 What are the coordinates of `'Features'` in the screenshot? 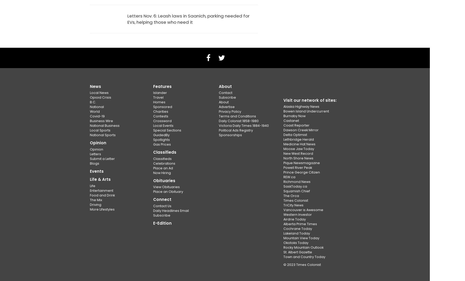 It's located at (162, 86).